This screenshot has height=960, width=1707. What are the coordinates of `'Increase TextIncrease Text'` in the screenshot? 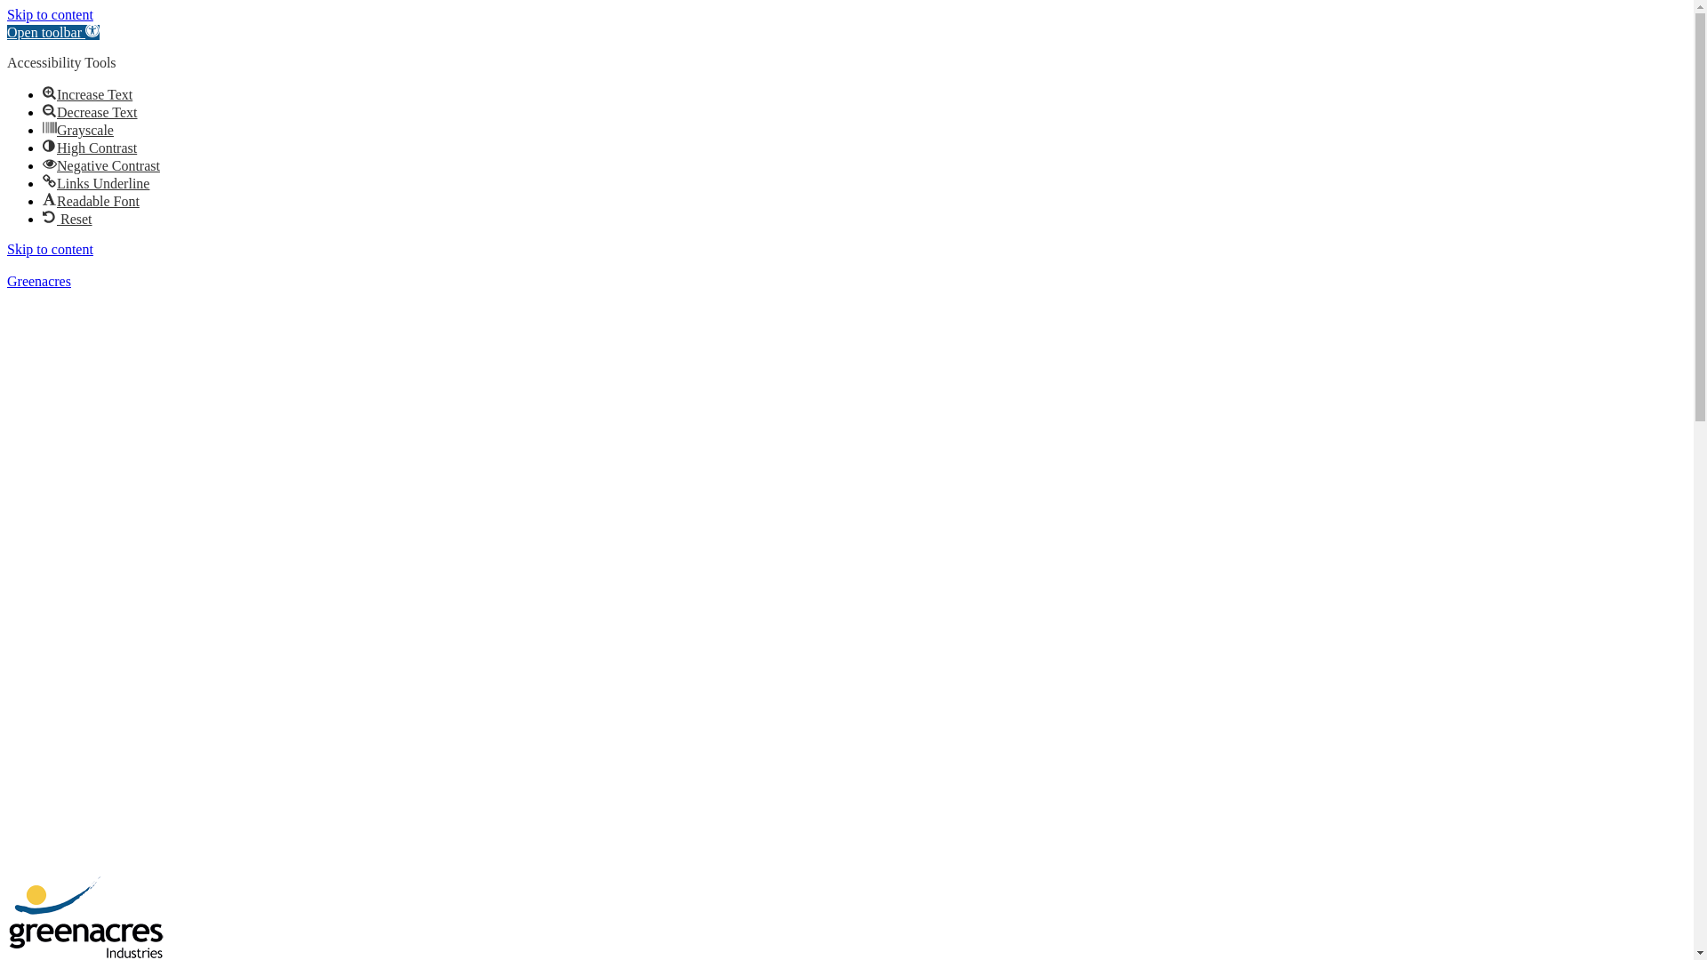 It's located at (86, 94).